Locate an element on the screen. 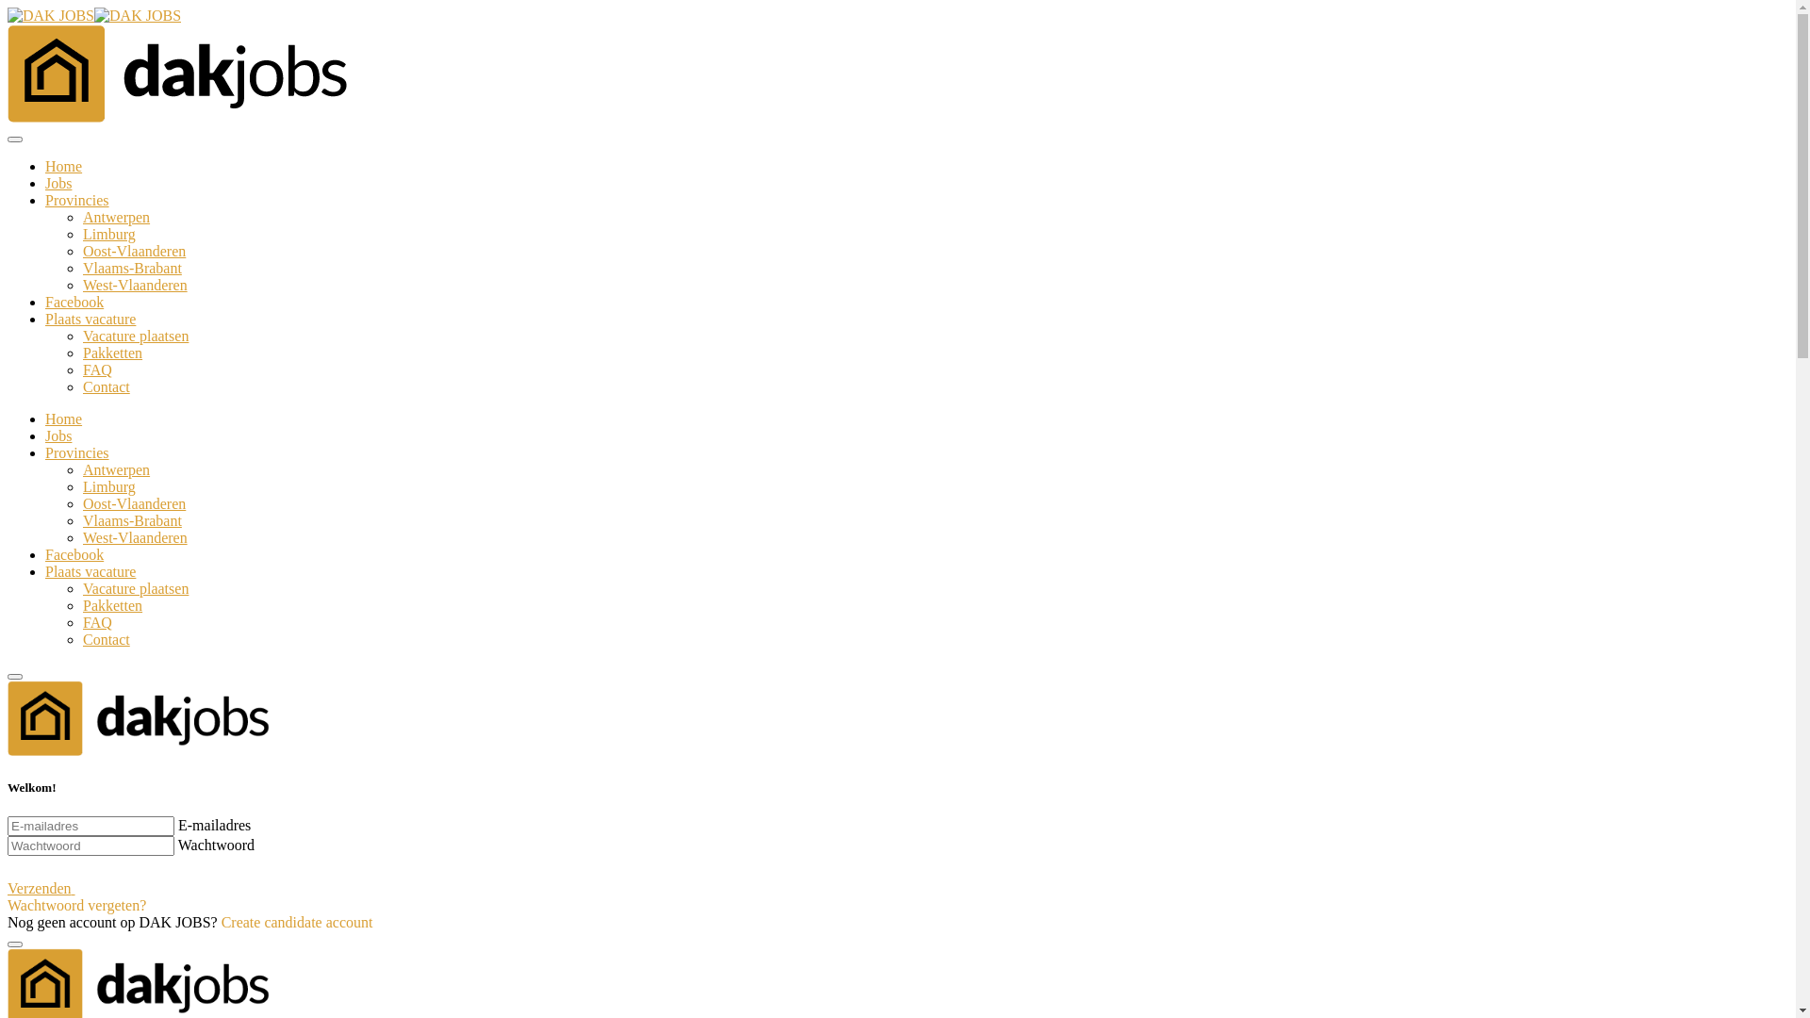  'Vacature plaatsen' is located at coordinates (135, 335).